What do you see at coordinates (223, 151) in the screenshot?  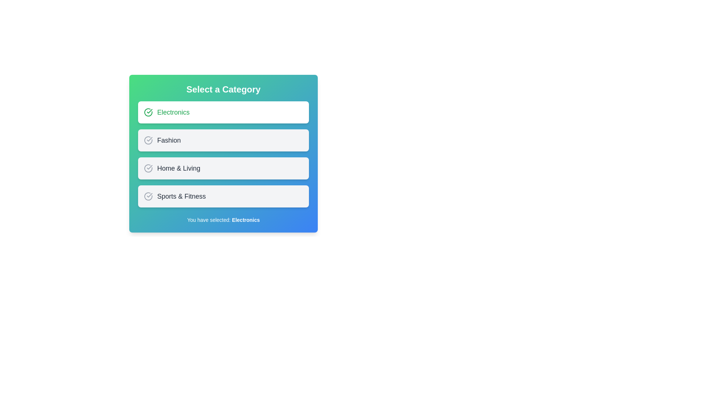 I see `the 'Fashion' category button, which is the second option in a list of four selectable category buttons, located between 'Electronics' and 'Home & Living'` at bounding box center [223, 151].